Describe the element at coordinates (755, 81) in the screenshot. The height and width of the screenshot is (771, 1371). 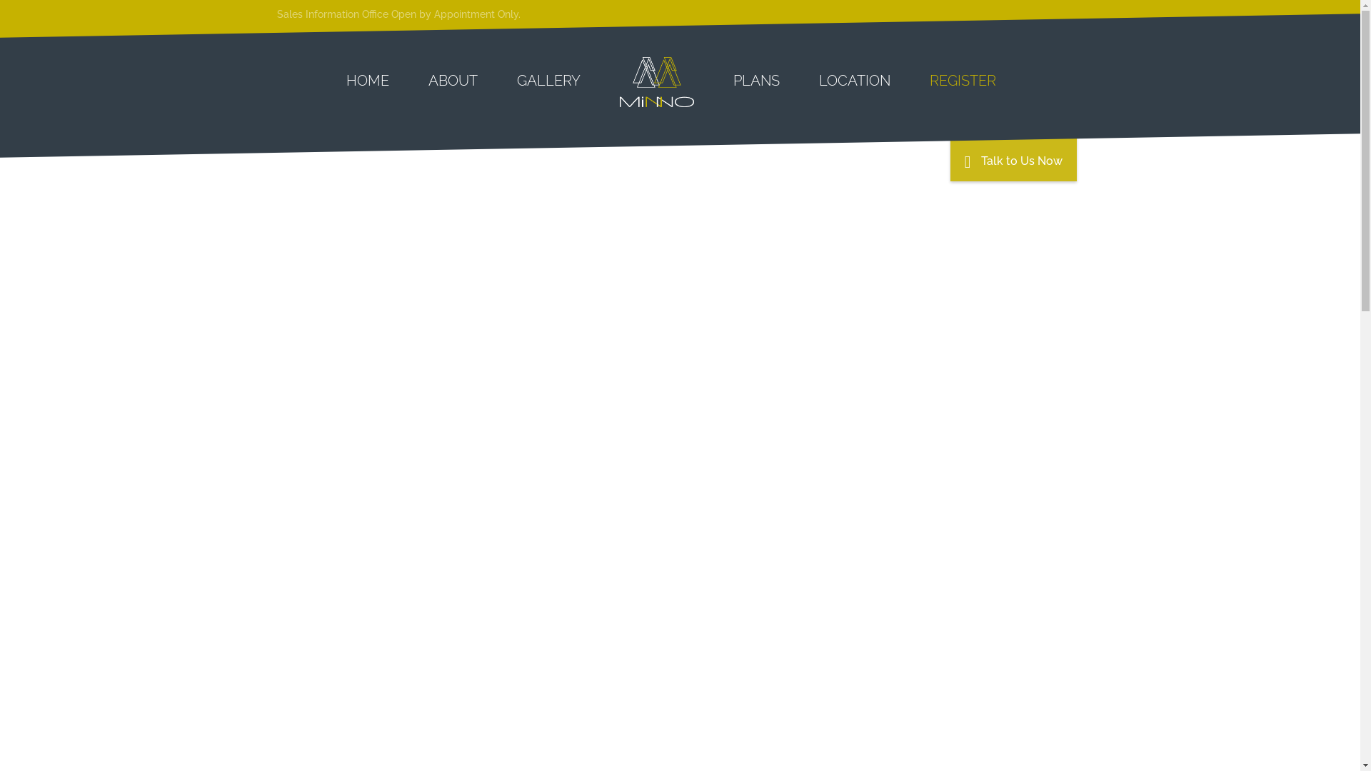
I see `'PLANS'` at that location.